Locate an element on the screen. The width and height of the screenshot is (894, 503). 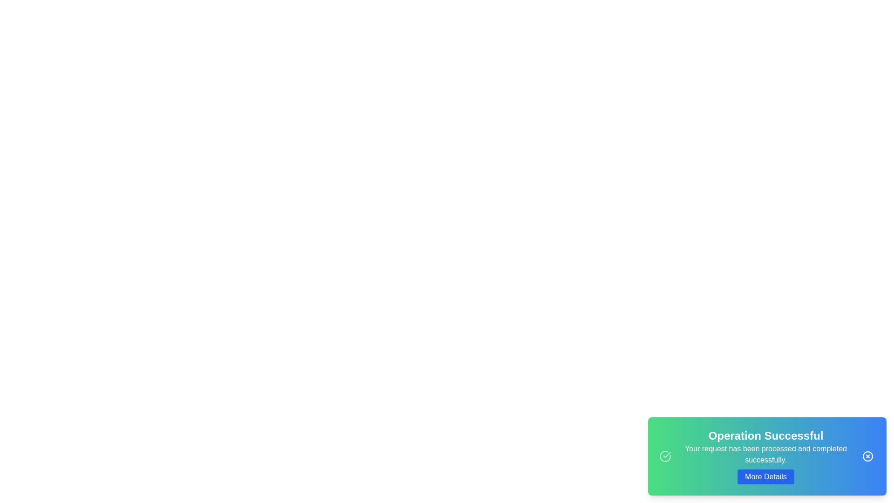
the close button (X) to dismiss the snackbar is located at coordinates (867, 455).